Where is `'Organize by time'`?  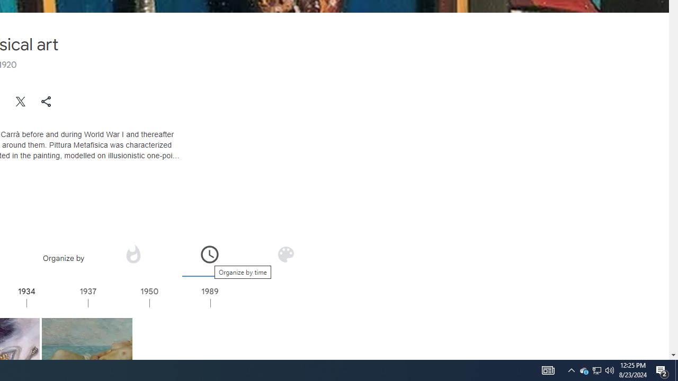
'Organize by time' is located at coordinates (209, 258).